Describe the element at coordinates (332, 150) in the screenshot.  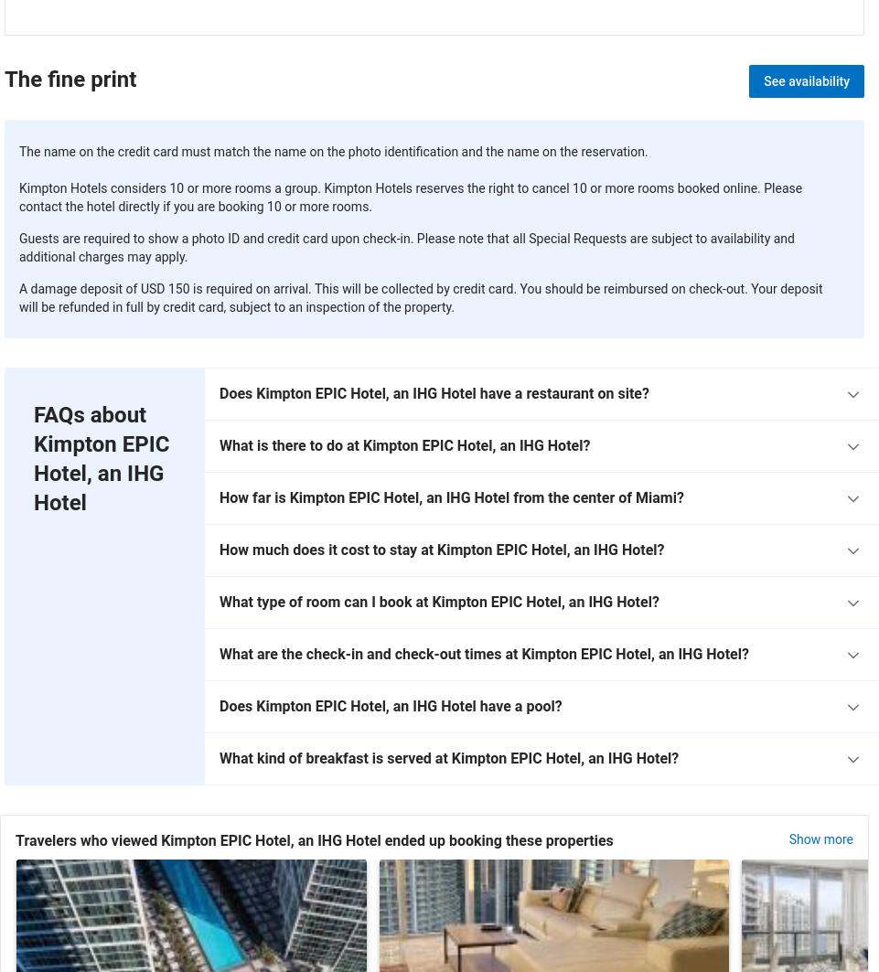
I see `'The name on the credit card must match the name on the photo identification and the name on the reservation.'` at that location.